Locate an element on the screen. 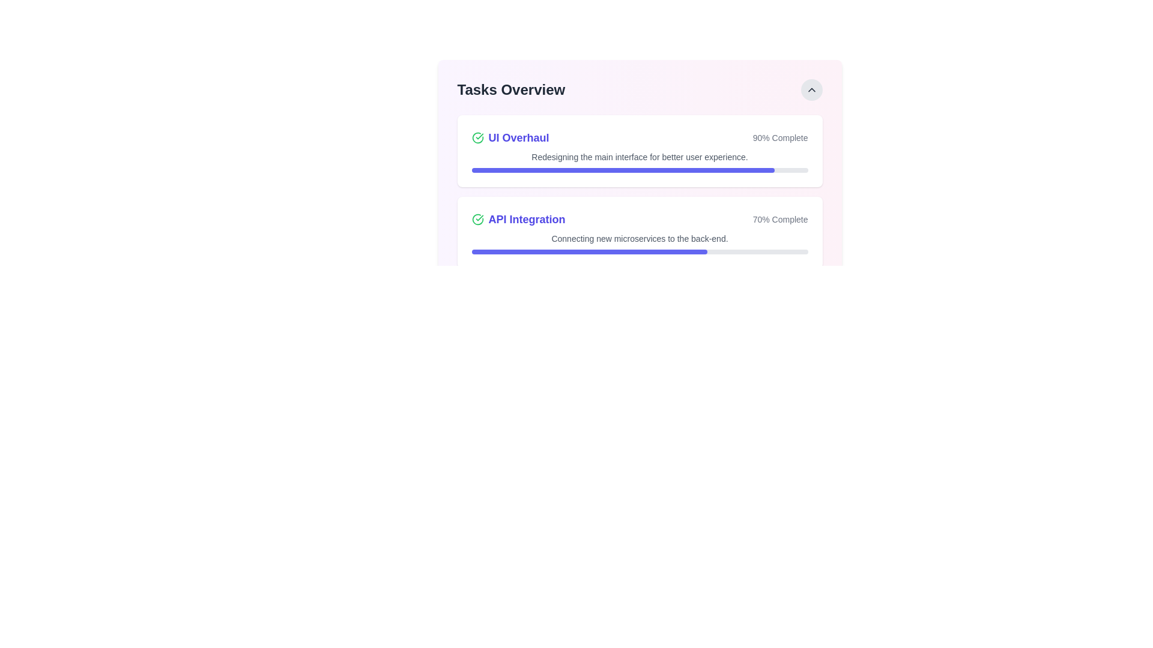  the text label displaying '70% Complete', which is styled in gray and positioned to the right of the 'API Integration' heading is located at coordinates (780, 220).